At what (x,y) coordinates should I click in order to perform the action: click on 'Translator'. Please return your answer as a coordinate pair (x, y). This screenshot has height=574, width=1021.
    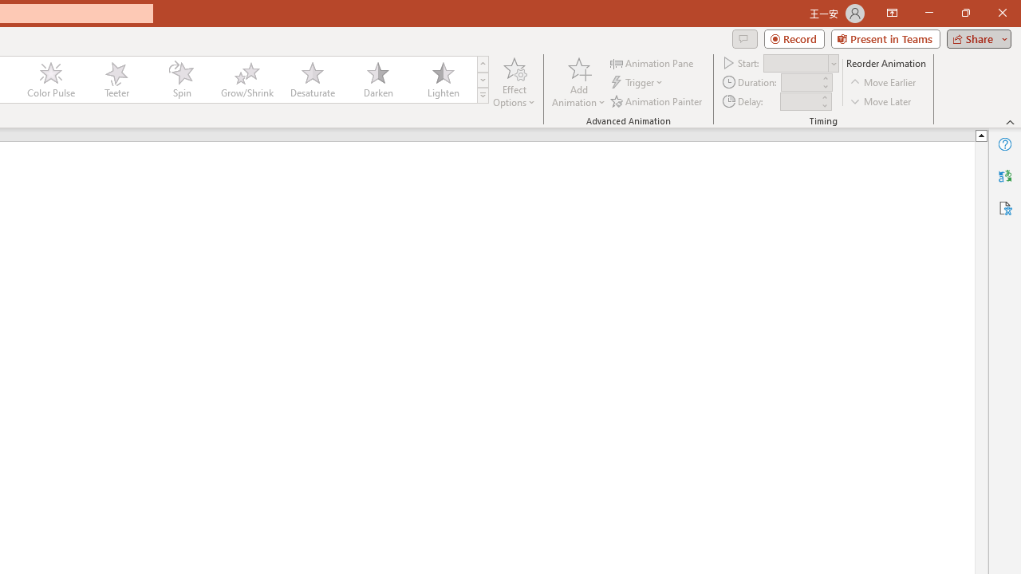
    Looking at the image, I should click on (1004, 176).